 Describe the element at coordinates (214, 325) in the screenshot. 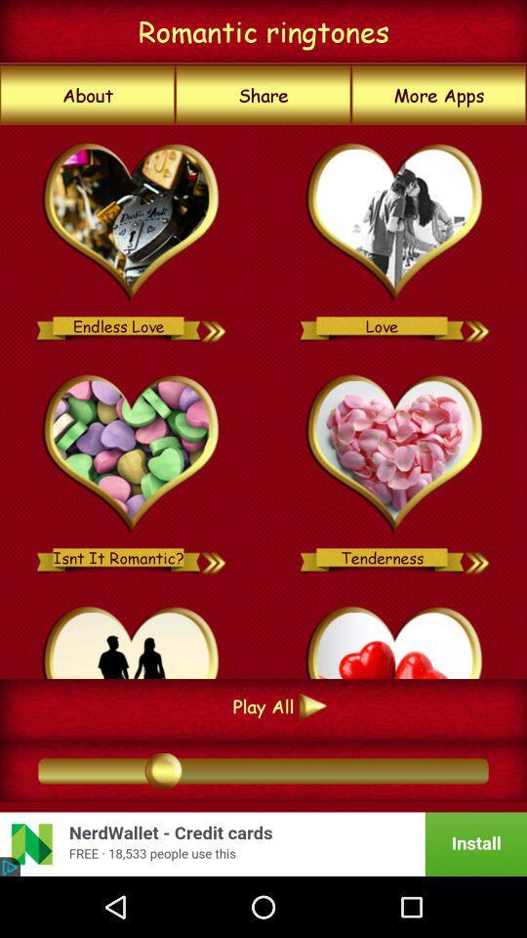

I see `go forward` at that location.